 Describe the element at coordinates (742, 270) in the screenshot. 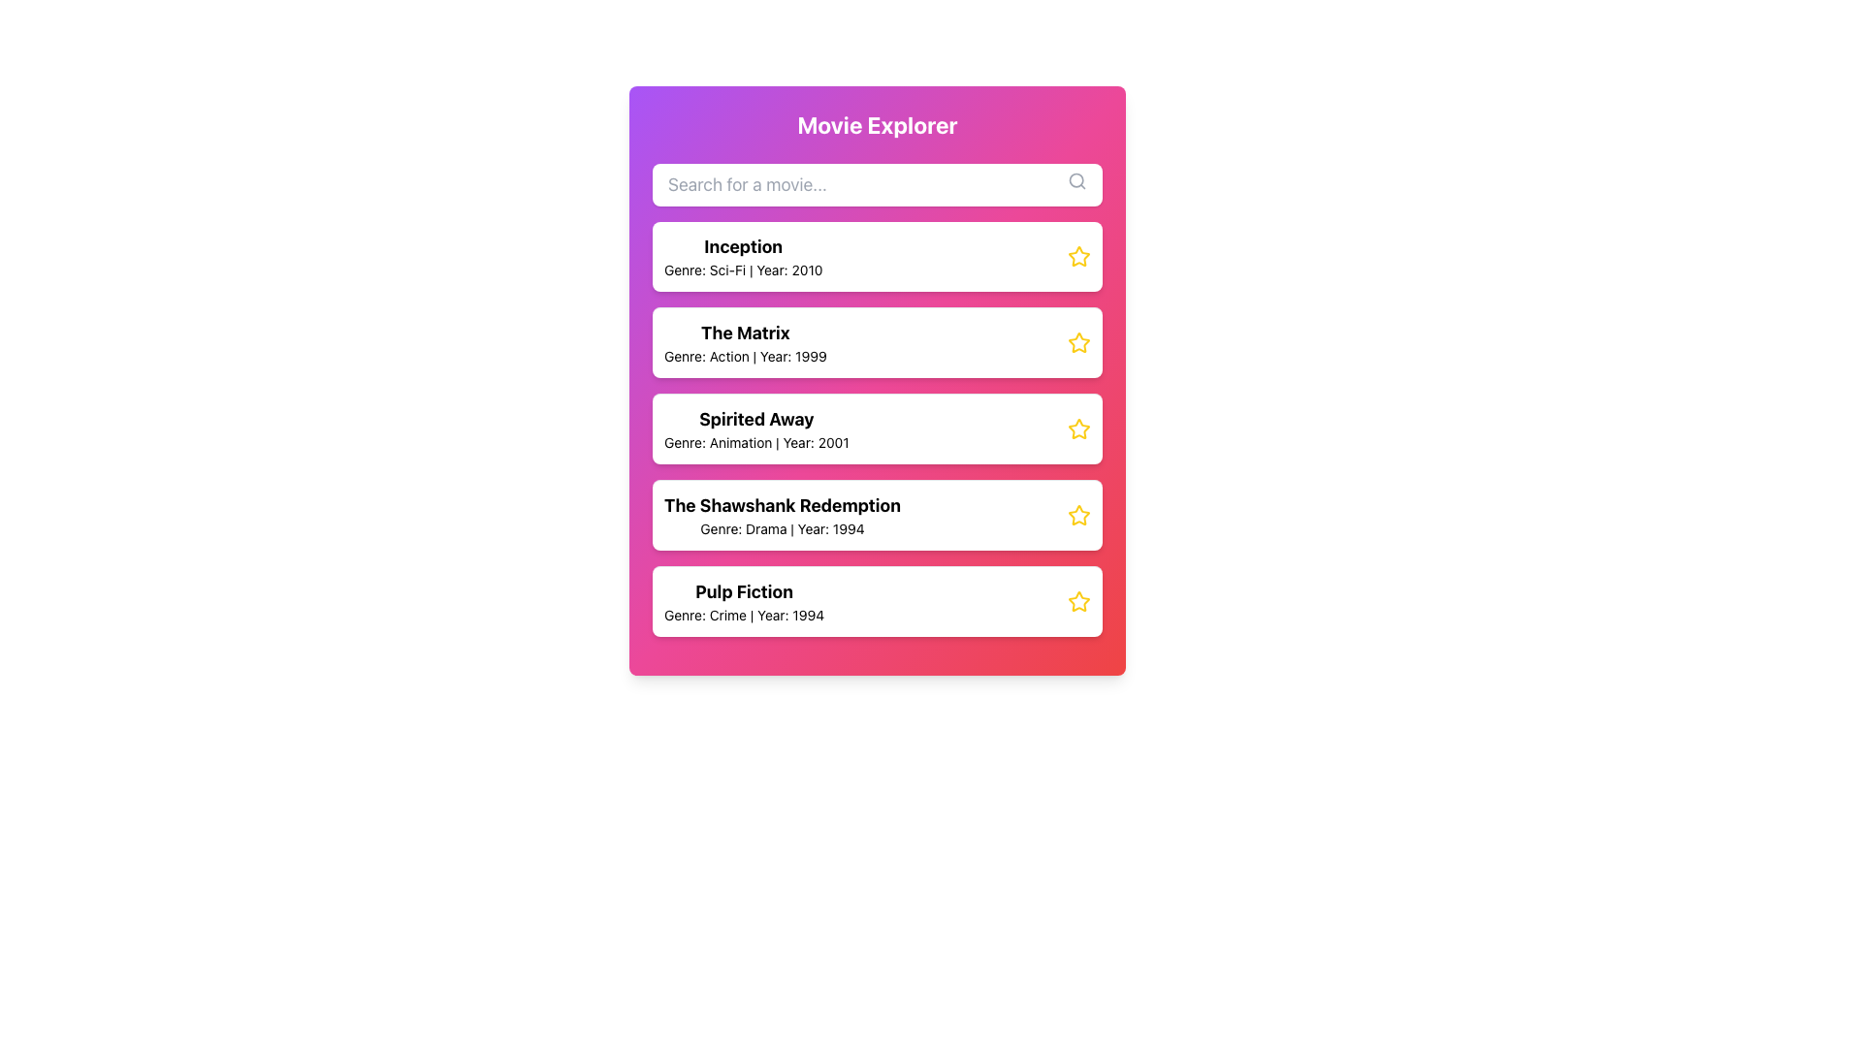

I see `text displaying the genre and release year of the movie 'Inception', located under its title in the first movie item of the 'Movie Explorer' panel` at that location.